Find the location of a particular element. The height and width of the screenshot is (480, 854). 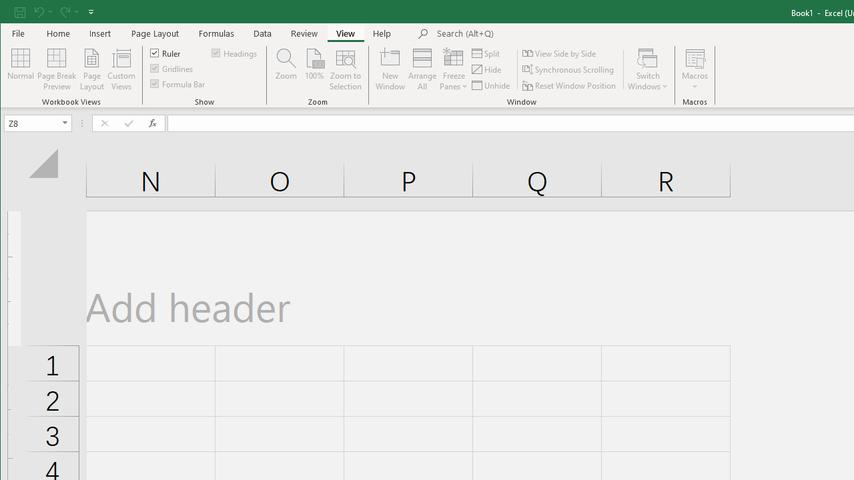

'Switch Windows' is located at coordinates (648, 69).